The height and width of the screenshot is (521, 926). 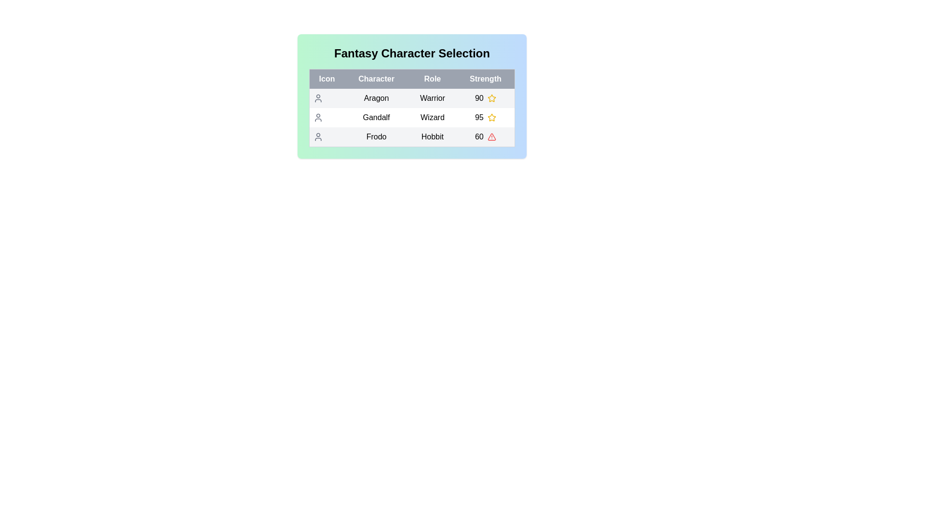 I want to click on the row corresponding to Frodo to select the character, so click(x=412, y=137).